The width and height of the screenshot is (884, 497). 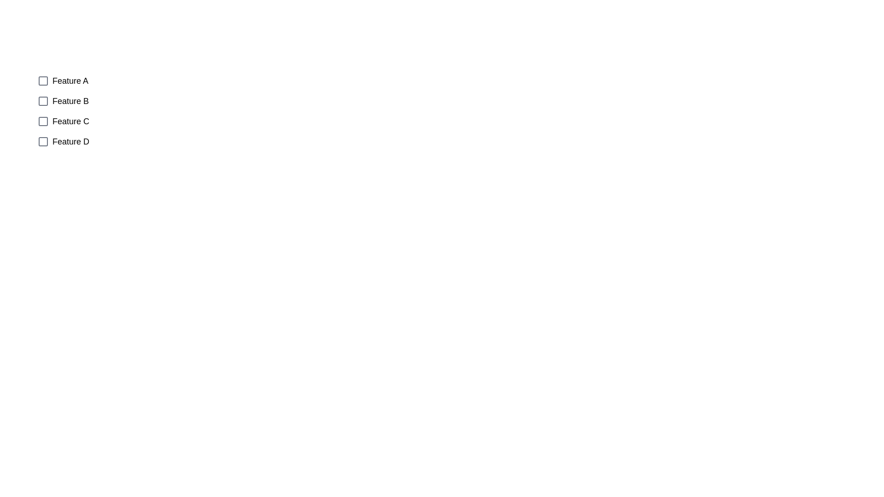 I want to click on the checkbox corresponding to Feature B to observe its position, so click(x=63, y=101).